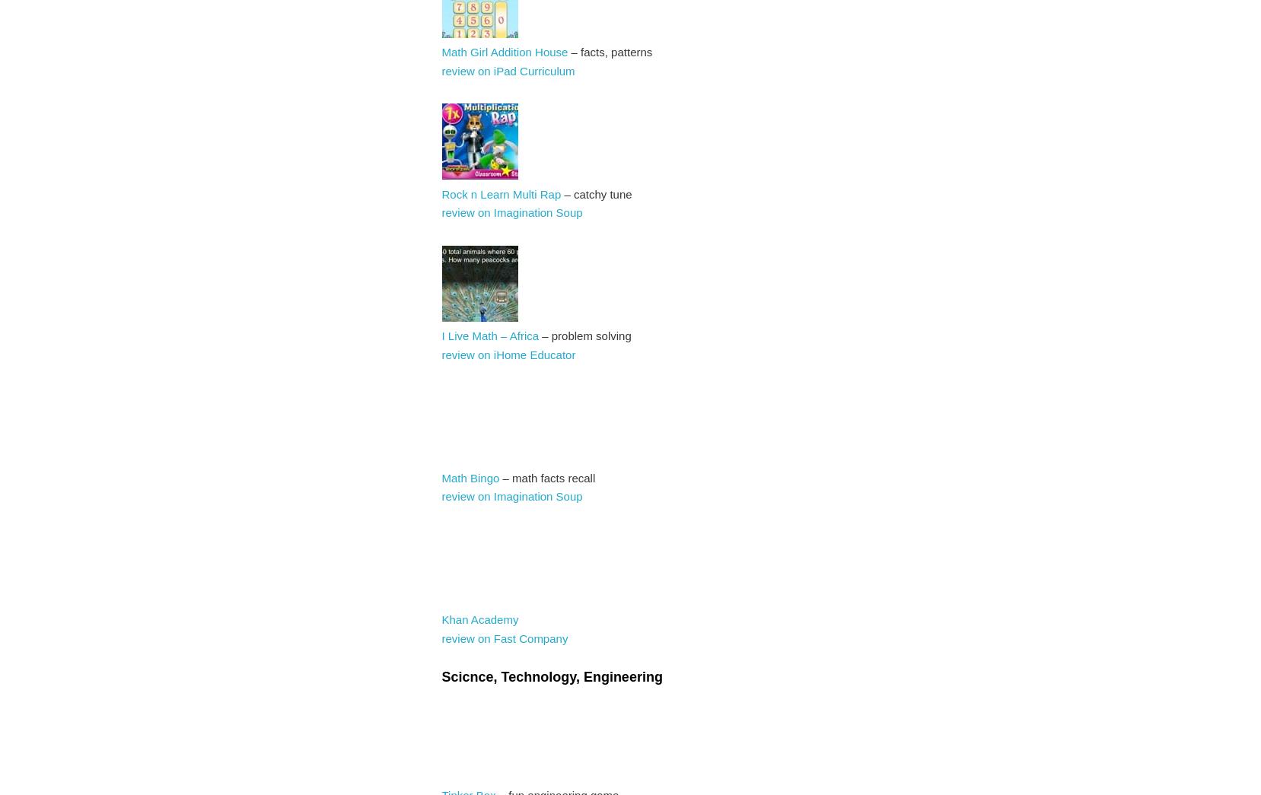 The width and height of the screenshot is (1261, 795). I want to click on 'I Live Math – Africa', so click(490, 335).